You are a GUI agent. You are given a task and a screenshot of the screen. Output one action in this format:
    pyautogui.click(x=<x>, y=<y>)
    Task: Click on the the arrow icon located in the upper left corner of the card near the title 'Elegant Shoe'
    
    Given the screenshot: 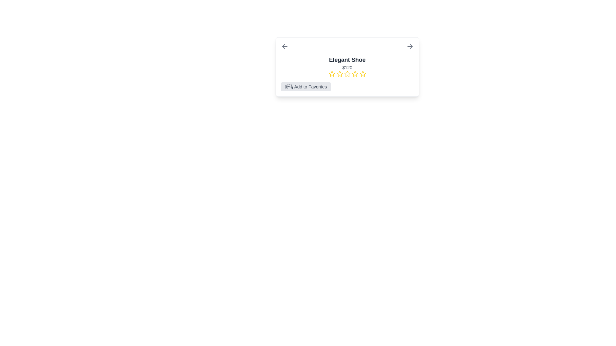 What is the action you would take?
    pyautogui.click(x=283, y=46)
    